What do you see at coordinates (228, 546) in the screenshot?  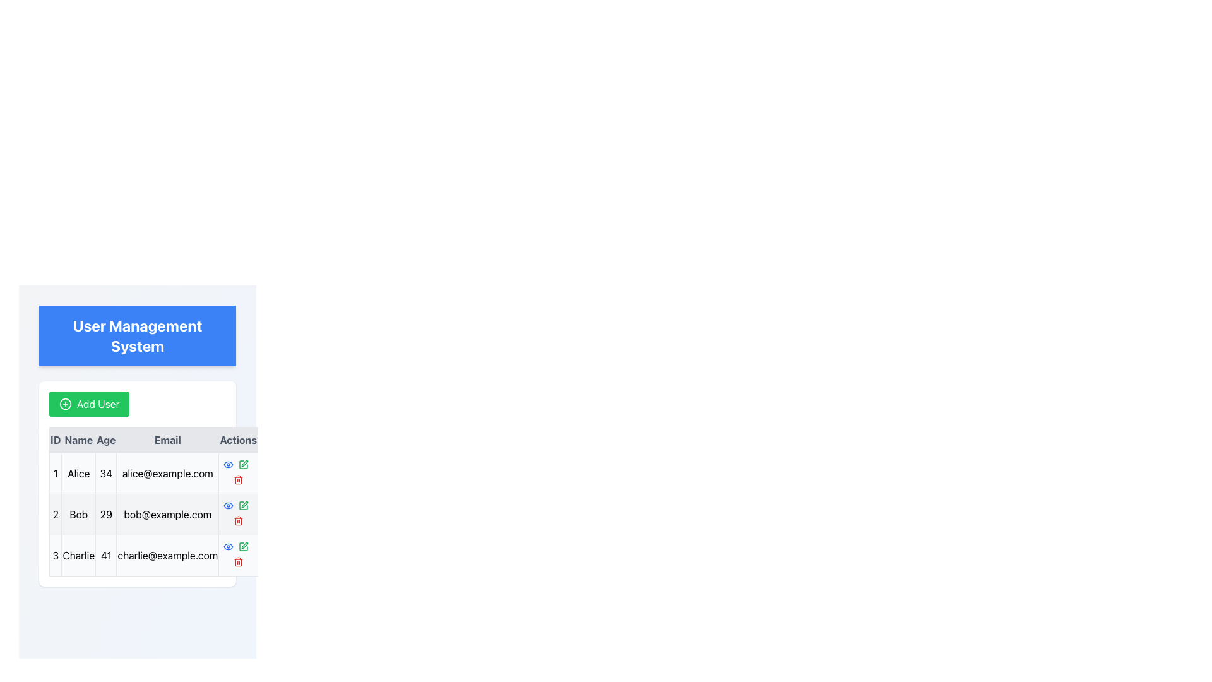 I see `the first icon in the actions column of the third row in the table` at bounding box center [228, 546].